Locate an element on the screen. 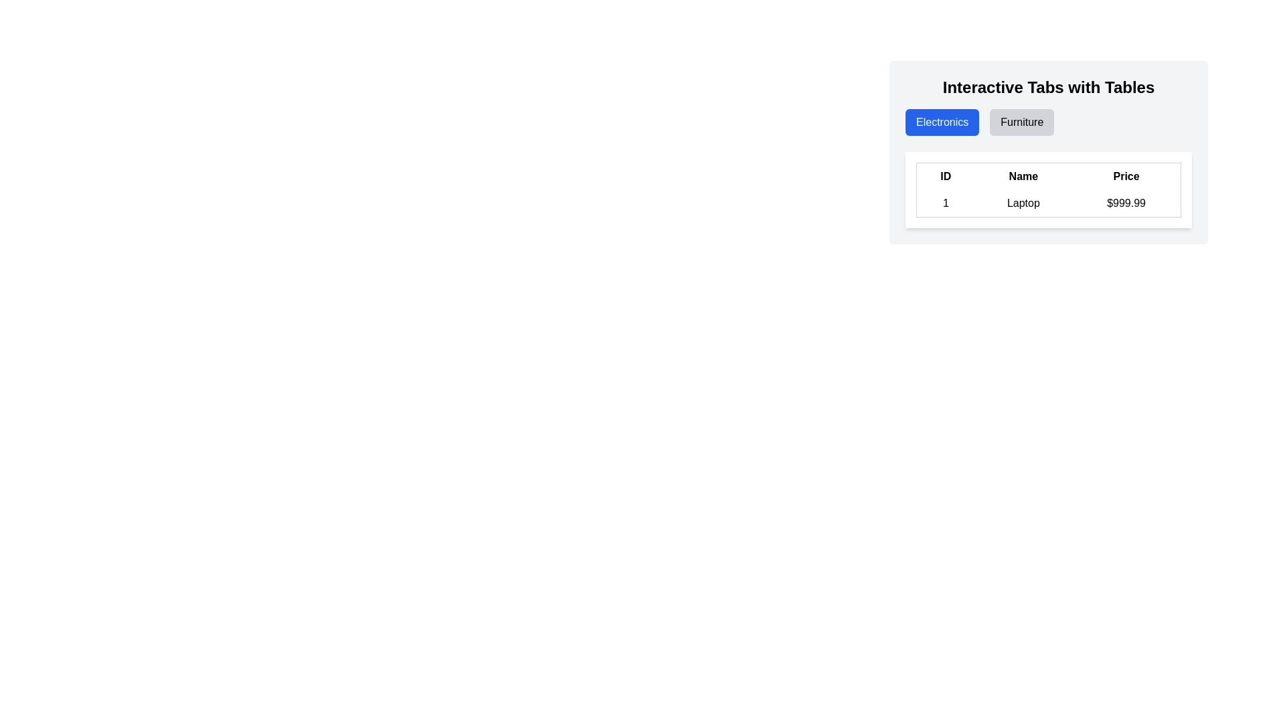  the 'Electronics' button is located at coordinates (942, 122).